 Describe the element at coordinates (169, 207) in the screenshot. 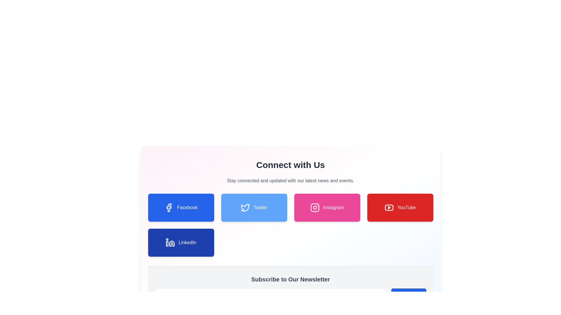

I see `the SVG area of the Facebook logo located within the 'Facebook' button, which is prominently displayed in blue color in the first column of the social media buttons section` at that location.